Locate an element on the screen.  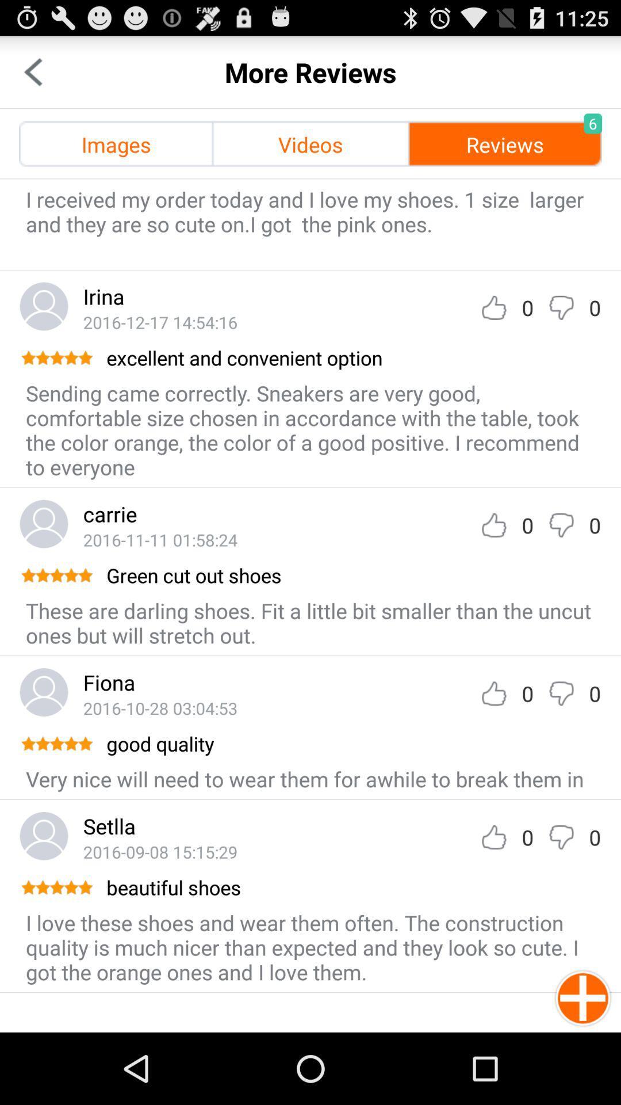
the icon above the 2016 09 08 icon is located at coordinates (109, 825).